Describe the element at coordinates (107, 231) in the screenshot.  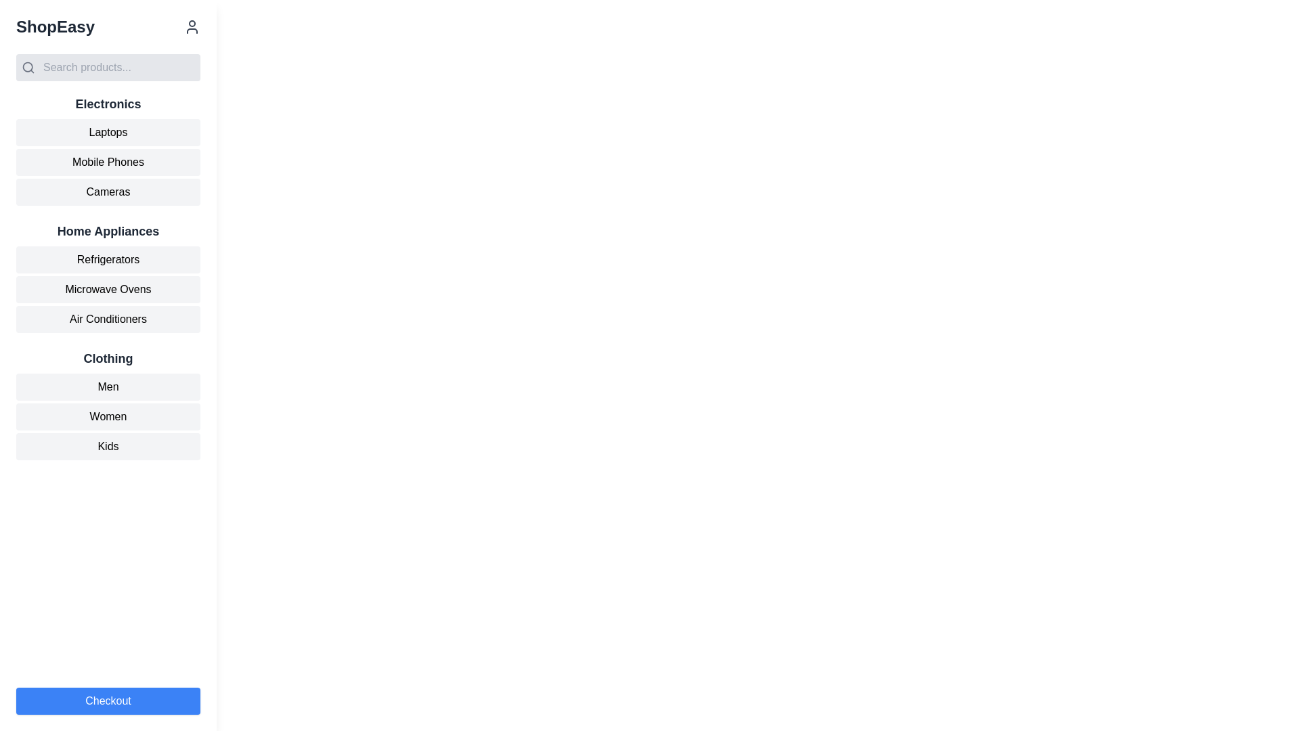
I see `the 'Home Appliances' category heading, which is styled with a larger bold font and dark gray color, located in the sidebar navigation menu beneath the 'Electronics' section` at that location.